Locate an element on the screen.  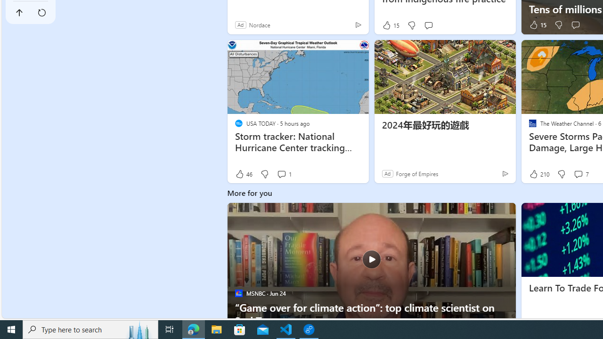
'USA TODAY' is located at coordinates (238, 123).